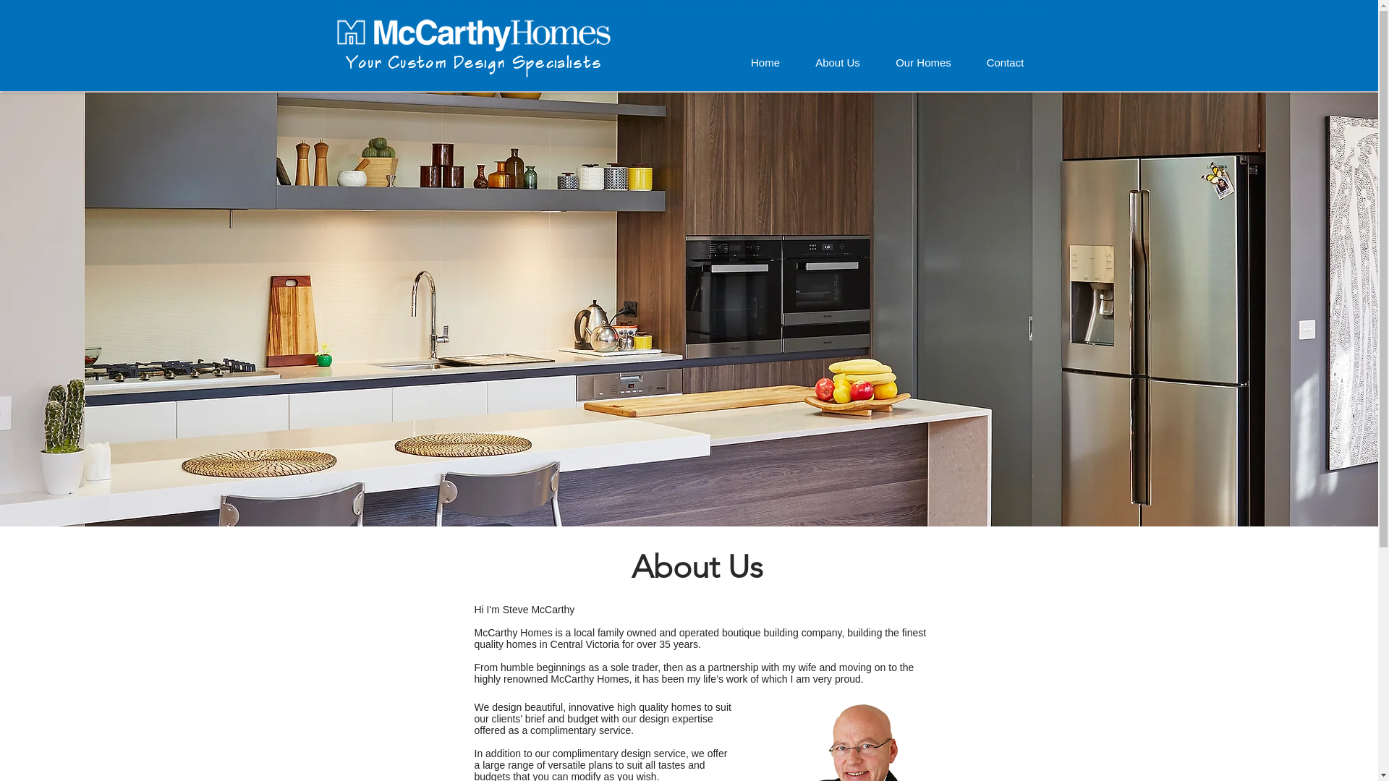 The height and width of the screenshot is (781, 1389). Describe the element at coordinates (765, 62) in the screenshot. I see `'Home'` at that location.